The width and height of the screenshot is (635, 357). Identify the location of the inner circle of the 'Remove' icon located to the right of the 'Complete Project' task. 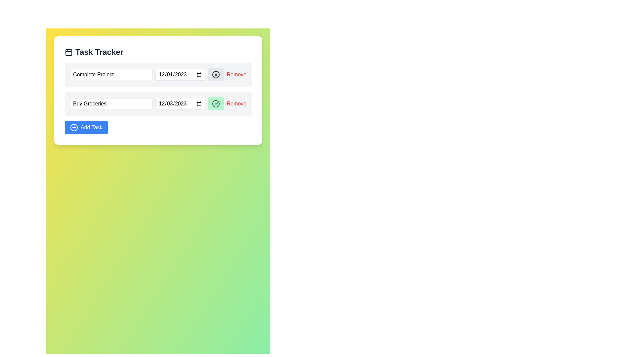
(216, 74).